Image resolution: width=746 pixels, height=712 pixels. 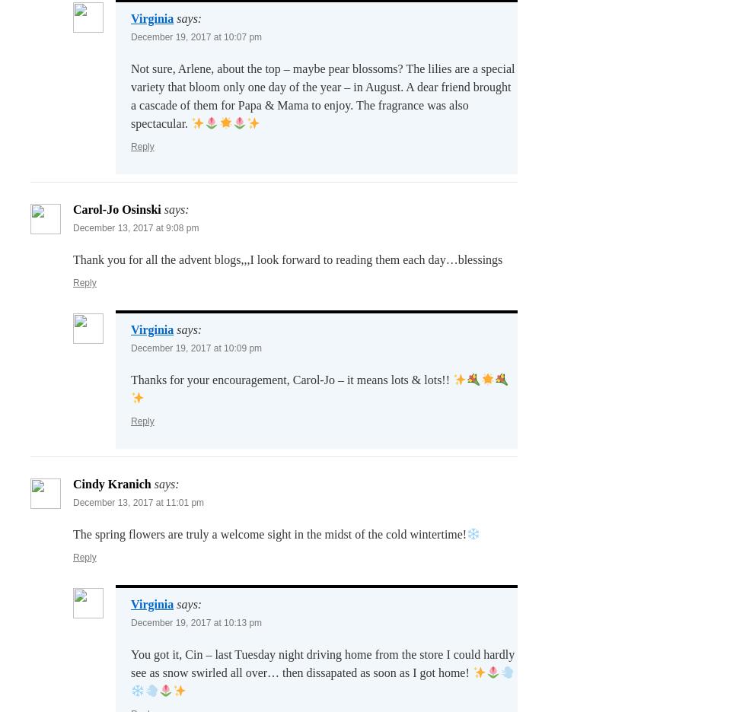 What do you see at coordinates (196, 622) in the screenshot?
I see `'December 19, 2017 at 10:13 pm'` at bounding box center [196, 622].